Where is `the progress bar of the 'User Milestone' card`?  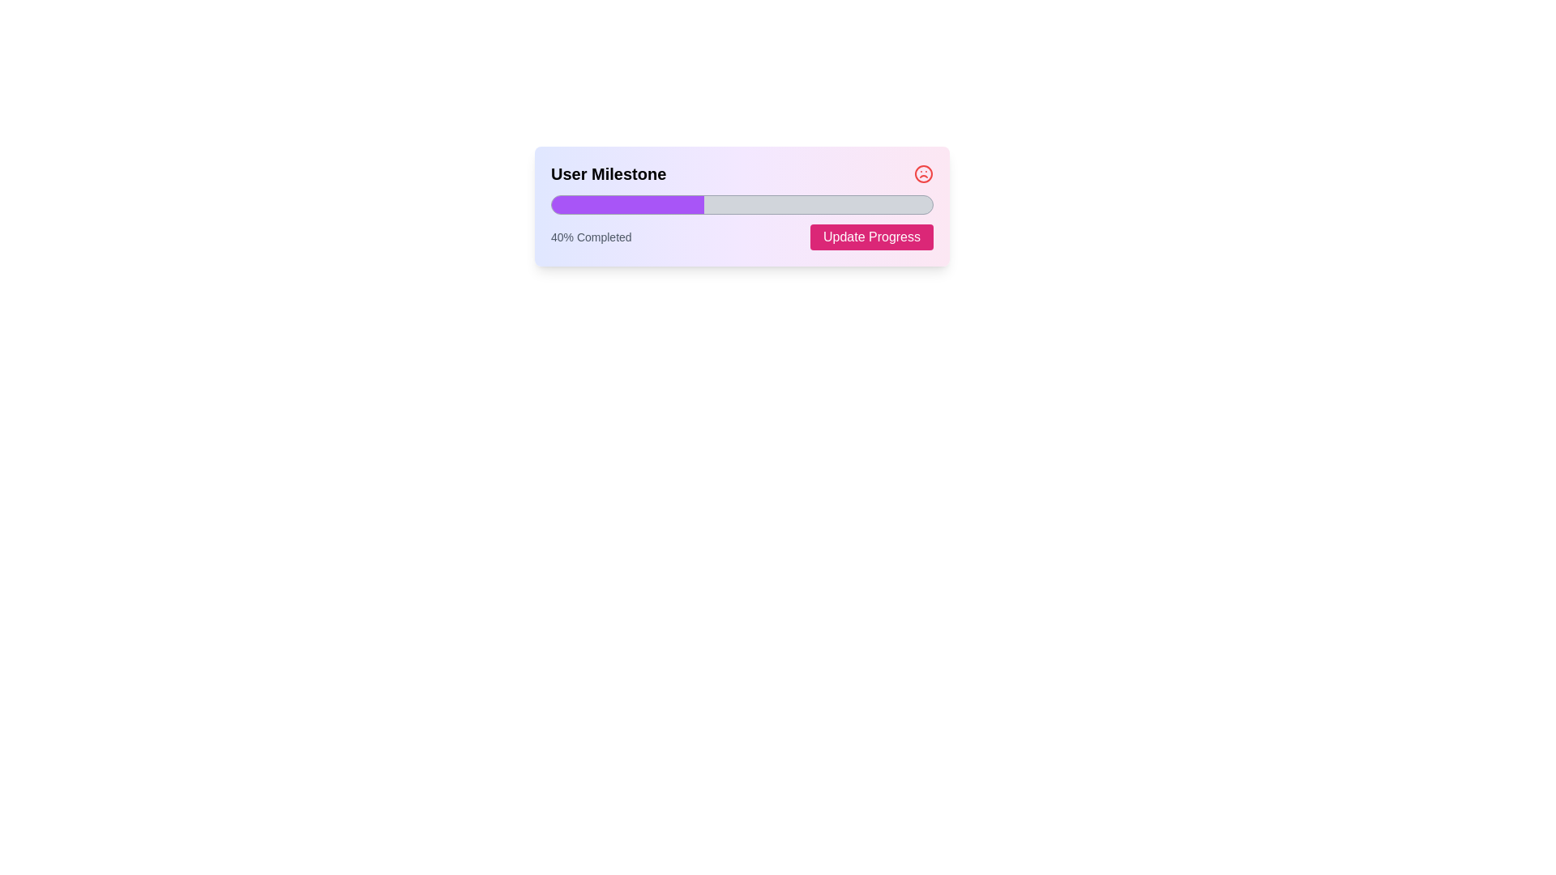 the progress bar of the 'User Milestone' card is located at coordinates (742, 205).